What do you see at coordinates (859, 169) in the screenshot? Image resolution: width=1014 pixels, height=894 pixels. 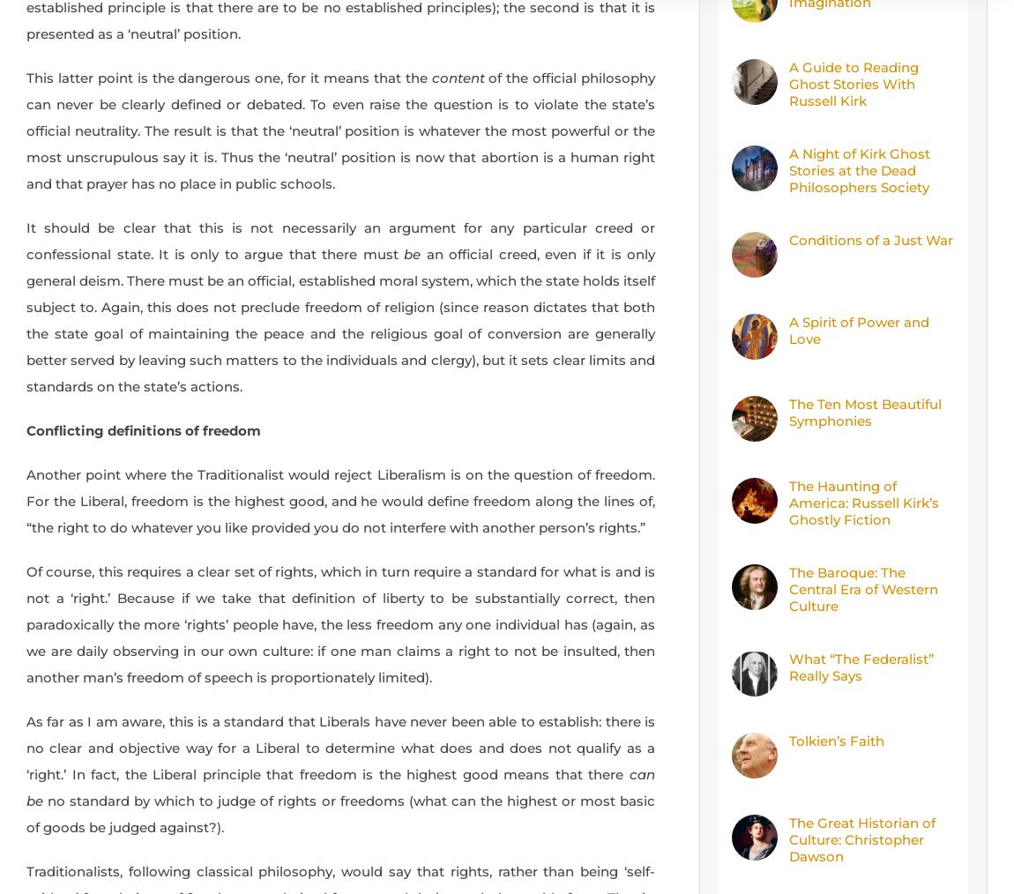 I see `'A Night of Kirk Ghost Stories at the Dead Philosophers Society'` at bounding box center [859, 169].